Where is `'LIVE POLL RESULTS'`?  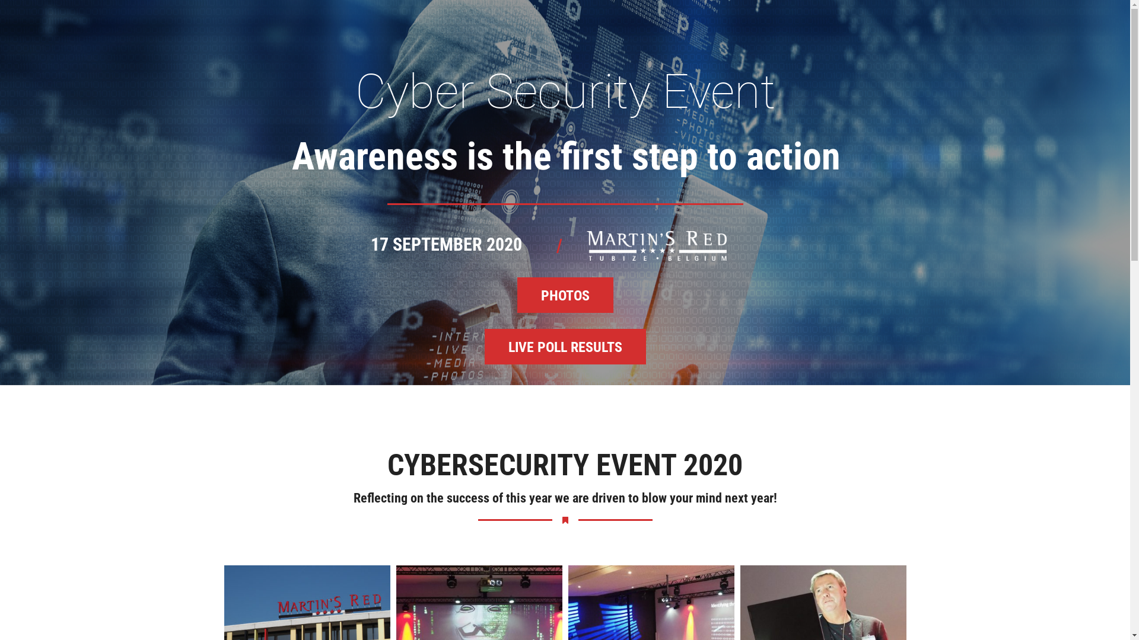 'LIVE POLL RESULTS' is located at coordinates (564, 347).